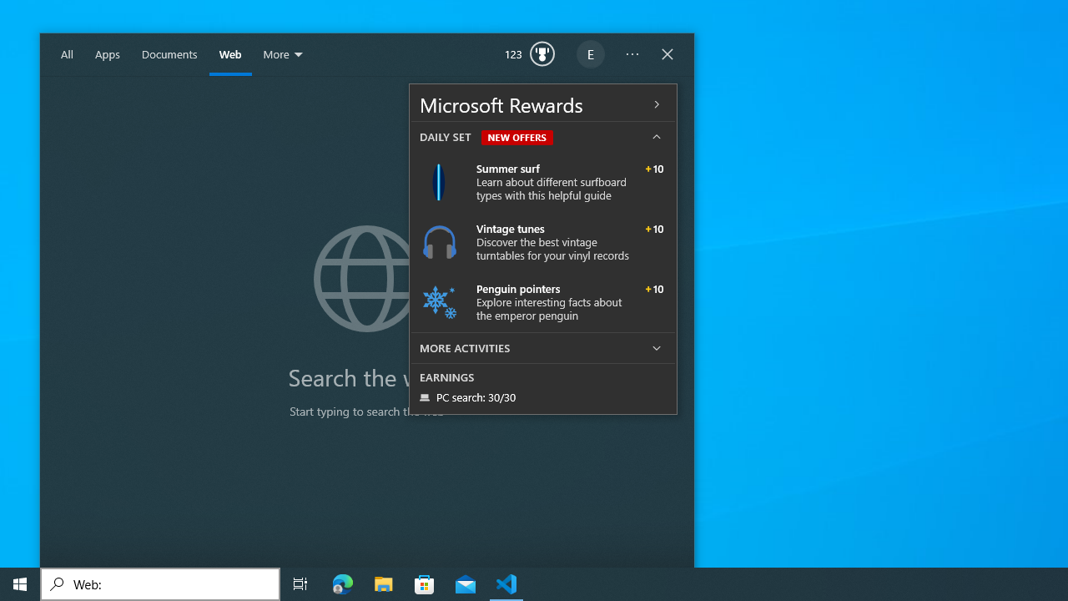 This screenshot has width=1068, height=601. I want to click on 'EugeneLedger601@outlook.com', so click(590, 54).